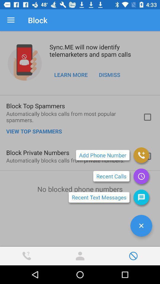 The height and width of the screenshot is (284, 160). What do you see at coordinates (141, 197) in the screenshot?
I see `the chat icon` at bounding box center [141, 197].